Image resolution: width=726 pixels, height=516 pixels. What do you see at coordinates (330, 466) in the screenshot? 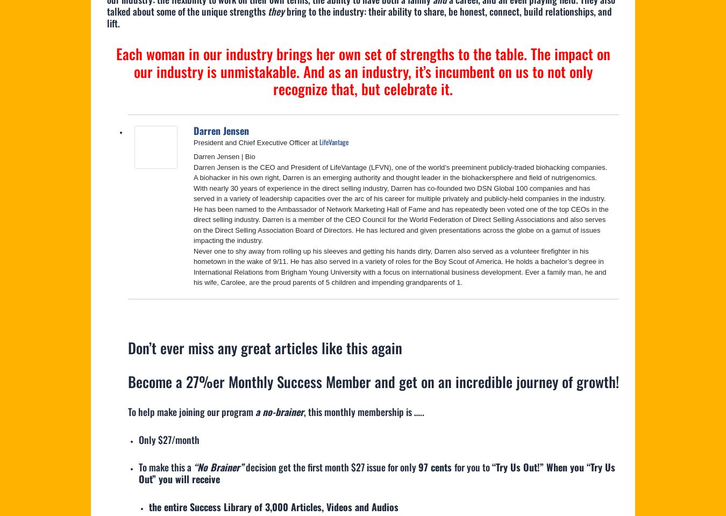
I see `'decision get the first month $27 issue for only'` at bounding box center [330, 466].